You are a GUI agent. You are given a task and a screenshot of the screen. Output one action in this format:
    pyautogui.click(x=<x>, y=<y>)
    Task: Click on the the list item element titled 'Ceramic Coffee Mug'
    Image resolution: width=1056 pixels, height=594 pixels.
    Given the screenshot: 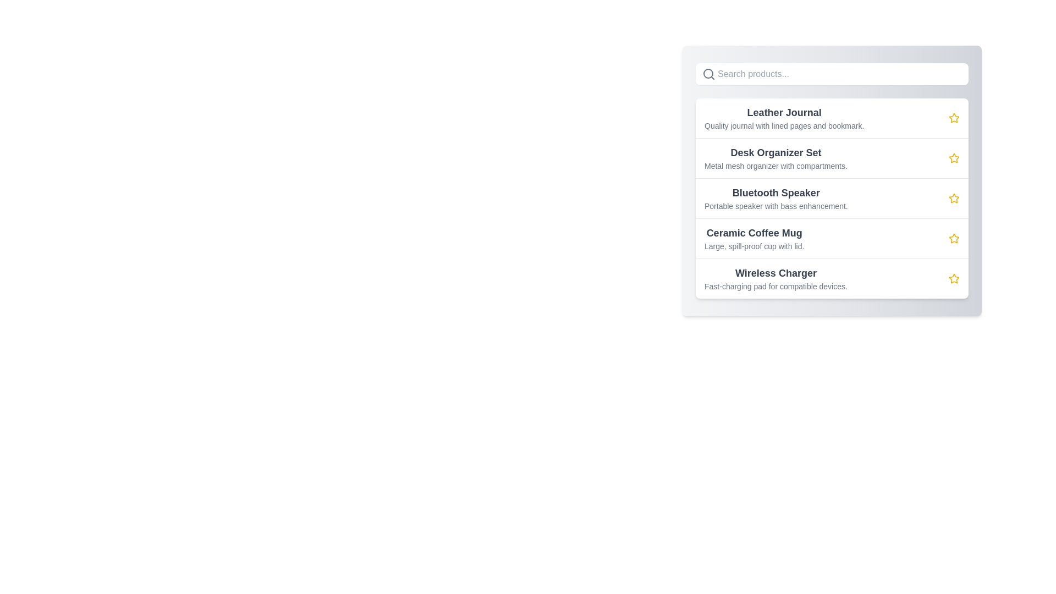 What is the action you would take?
    pyautogui.click(x=832, y=238)
    